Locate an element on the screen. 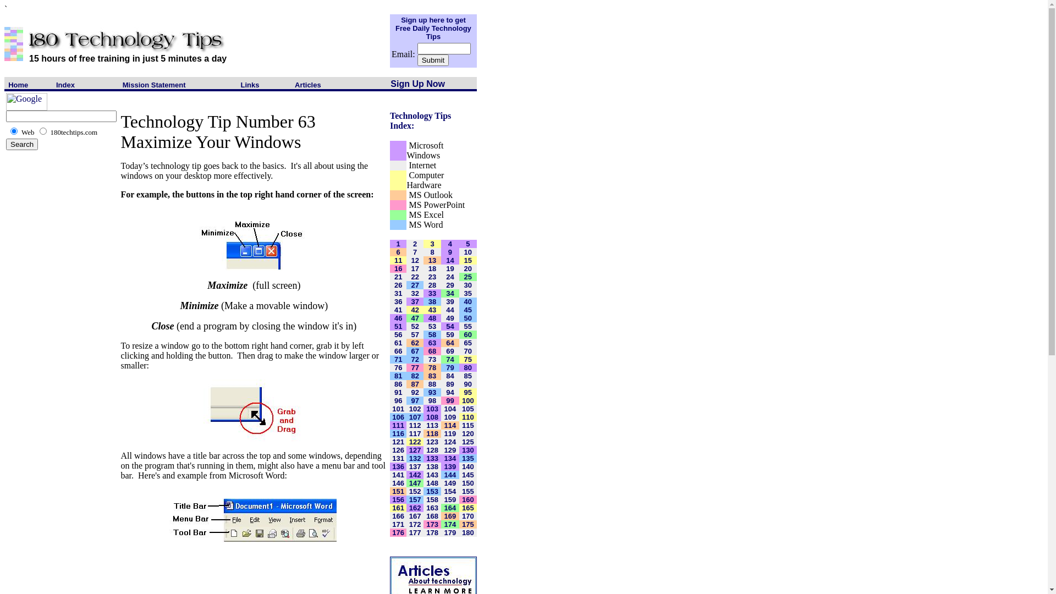 The image size is (1056, 594). '103' is located at coordinates (432, 408).